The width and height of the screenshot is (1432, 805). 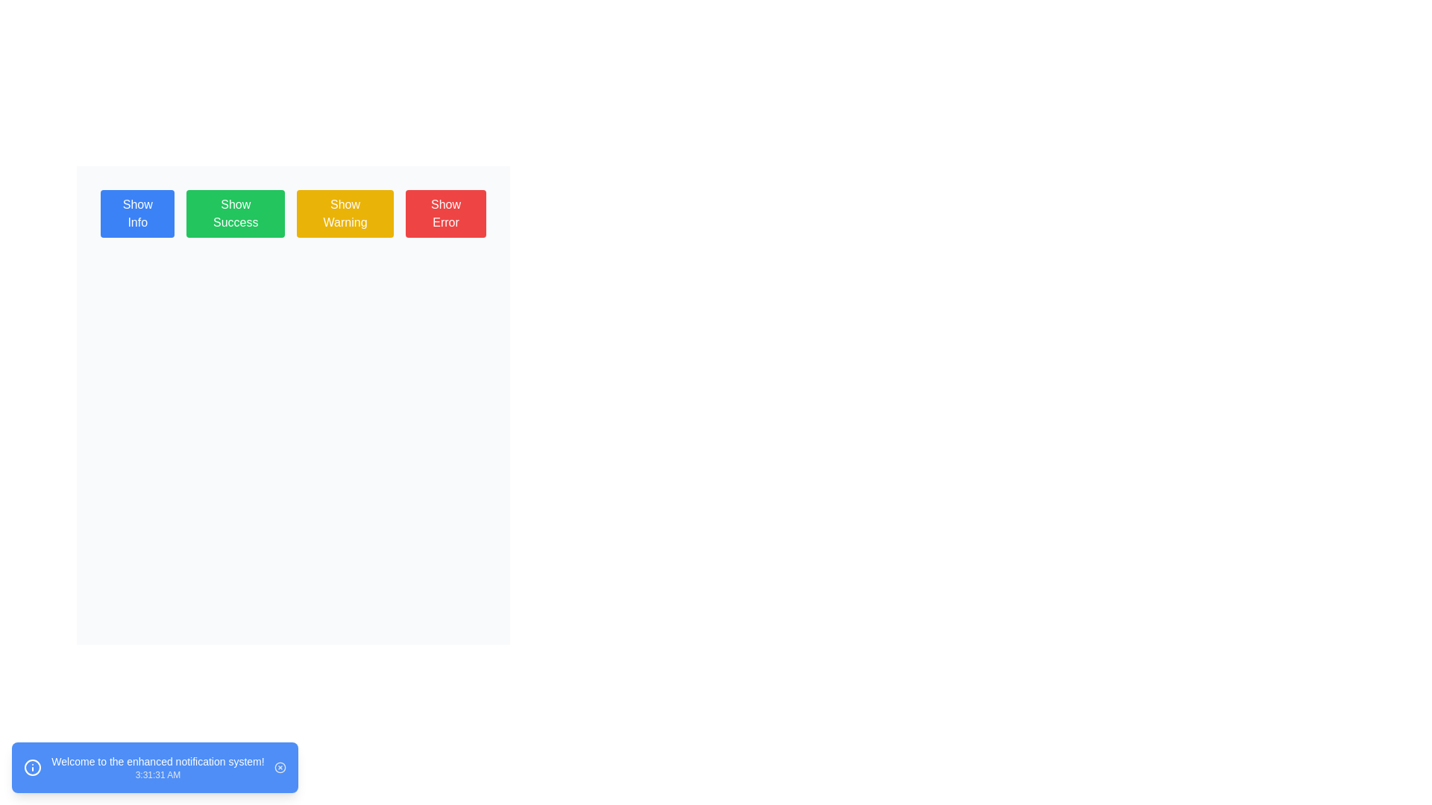 What do you see at coordinates (445, 213) in the screenshot?
I see `the 'Show Error' button, which is a rectangular button with a red background and white text, located as the fourth element in a horizontal group of buttons` at bounding box center [445, 213].